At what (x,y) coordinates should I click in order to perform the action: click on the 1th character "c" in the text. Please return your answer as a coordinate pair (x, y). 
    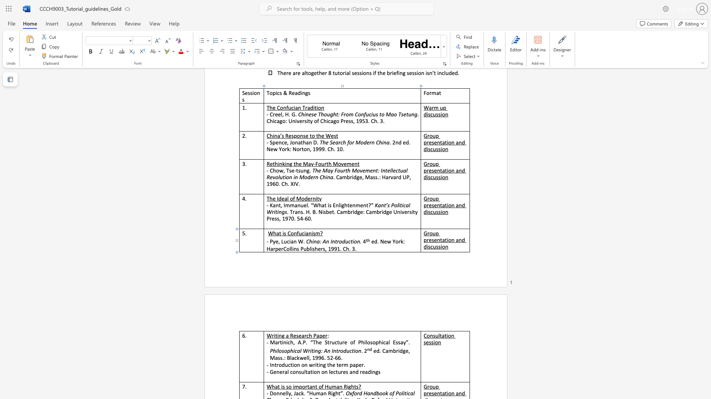
    Looking at the image, I should click on (288, 242).